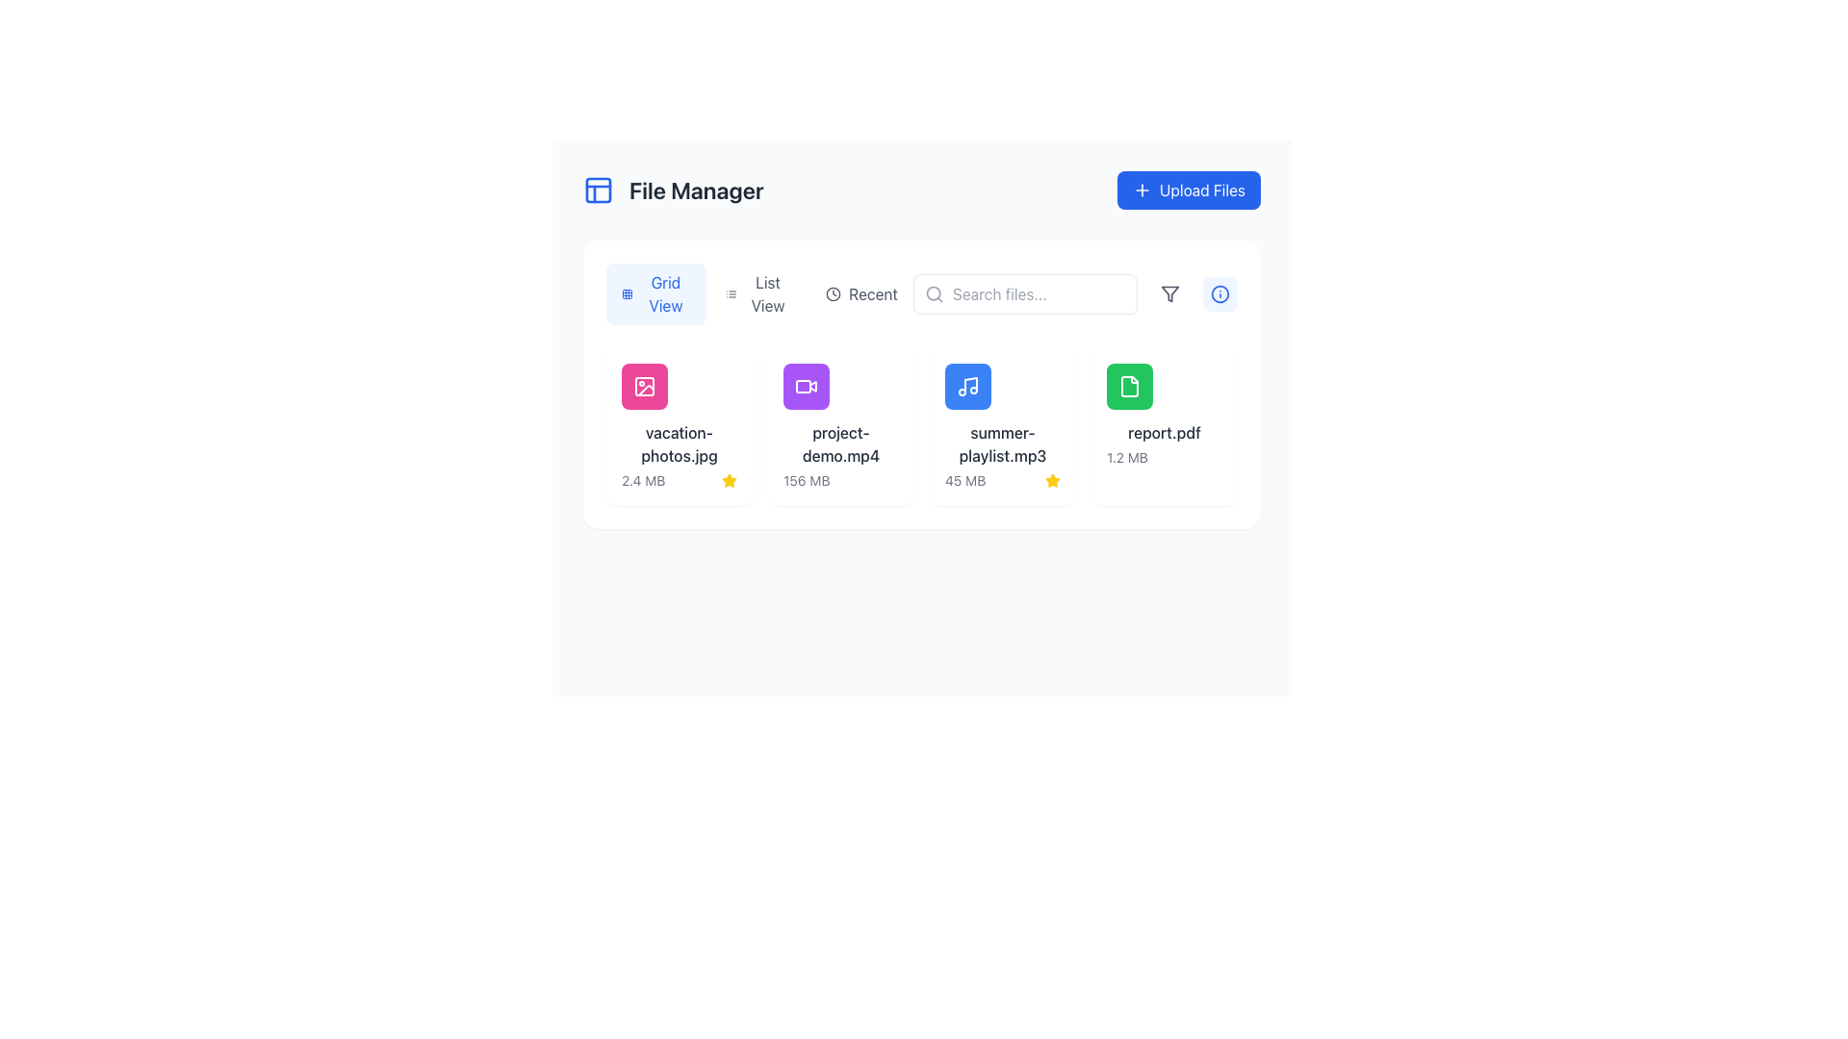 The height and width of the screenshot is (1039, 1848). What do you see at coordinates (807, 386) in the screenshot?
I see `the video camera icon with a purple background located inside a purple circle, positioned to the top-left of the 'project-demo.mp4' grid item` at bounding box center [807, 386].